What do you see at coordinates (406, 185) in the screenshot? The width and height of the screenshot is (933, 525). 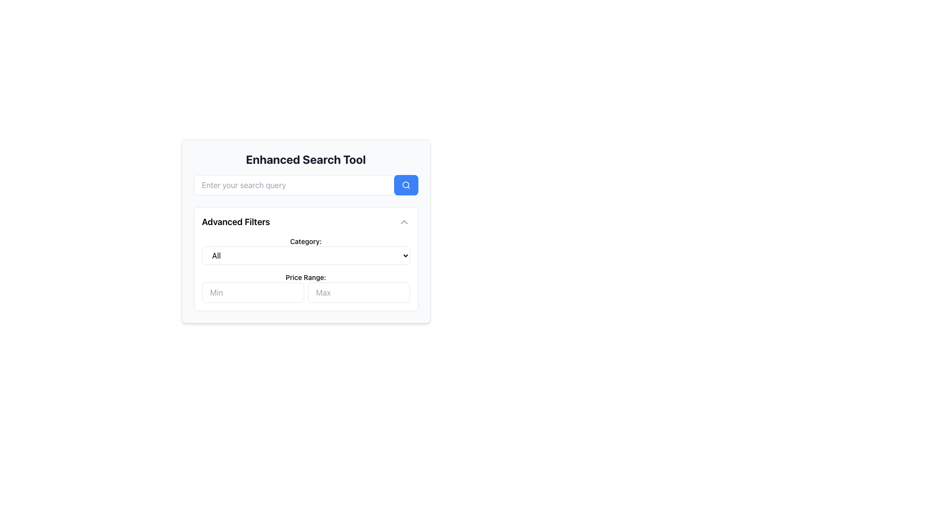 I see `the search icon, which is a magnifying glass styled with a thin stroke, located within a blue button to the right of the search input field` at bounding box center [406, 185].